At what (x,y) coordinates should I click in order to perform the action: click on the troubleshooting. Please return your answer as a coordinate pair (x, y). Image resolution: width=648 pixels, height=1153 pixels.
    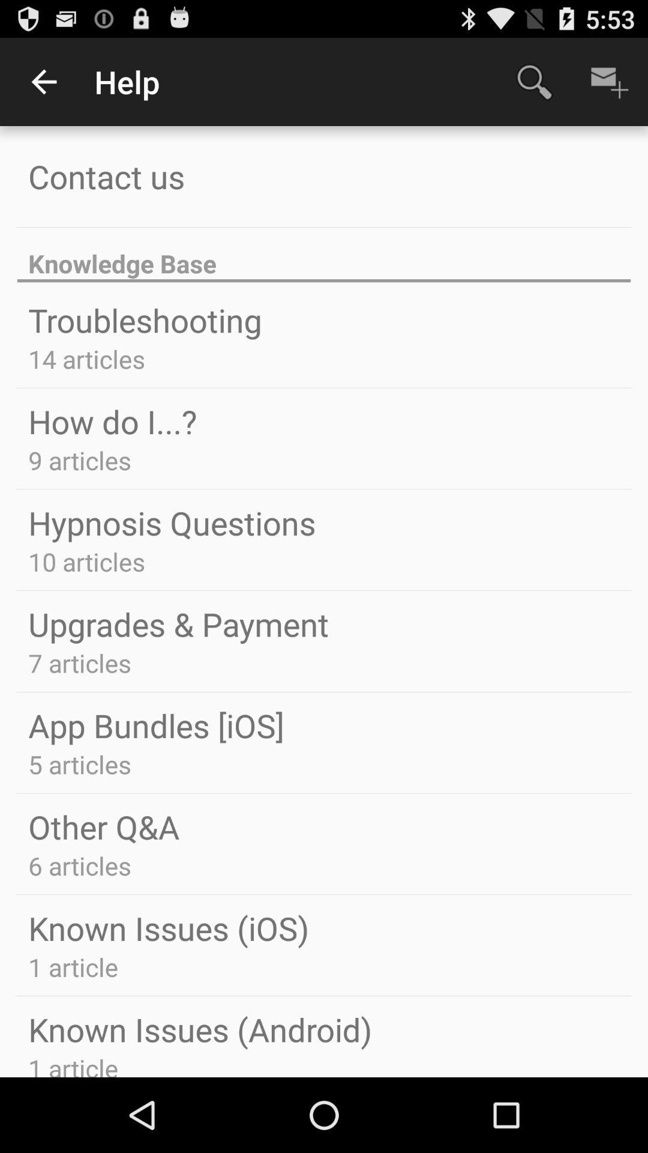
    Looking at the image, I should click on (144, 319).